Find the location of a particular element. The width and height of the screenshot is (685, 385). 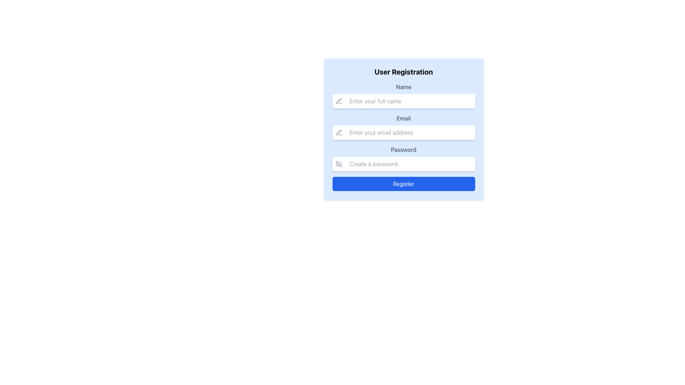

the pen icon located to the left of the 'Name' input field in the user registration card interface, indicating that the associated text field is editable is located at coordinates (338, 101).